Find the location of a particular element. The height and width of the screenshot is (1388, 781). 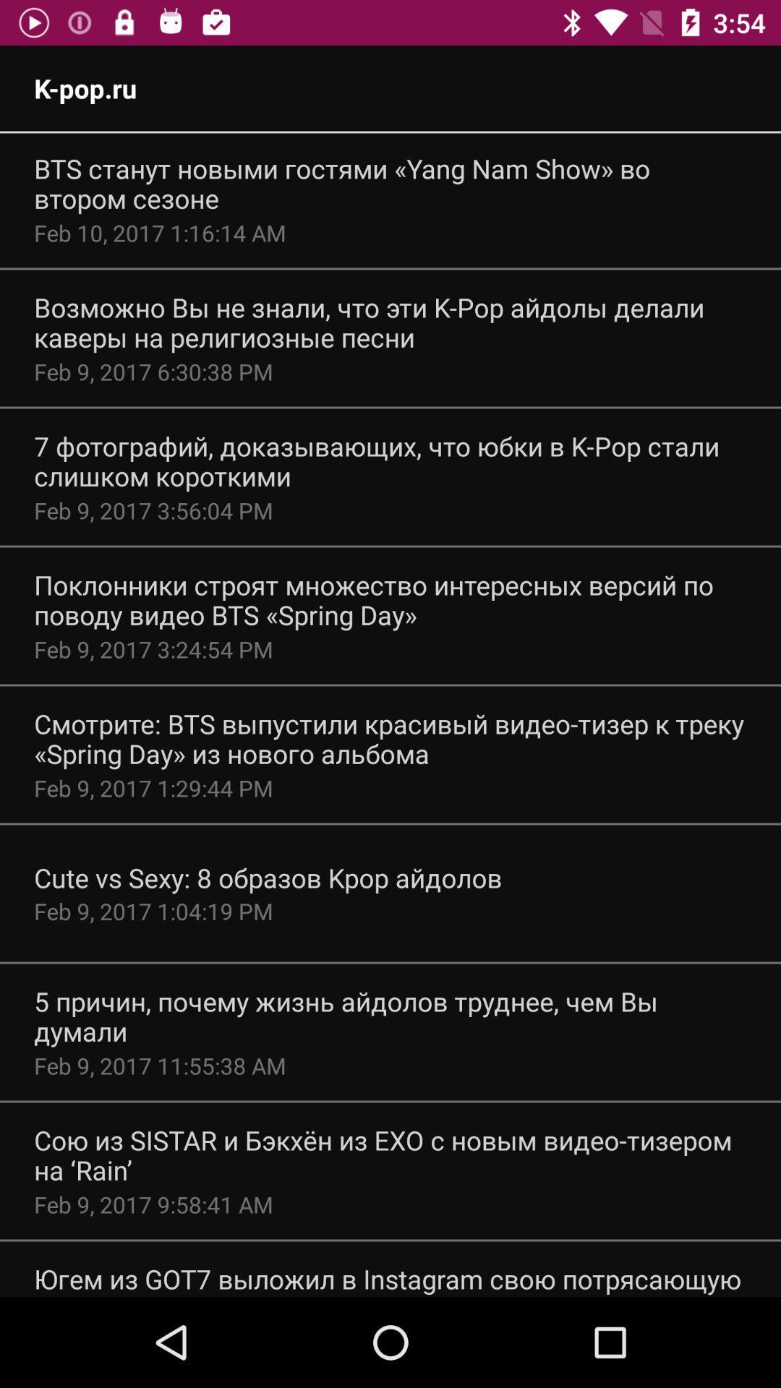

the item above the feb 9 2017 icon is located at coordinates (390, 1154).